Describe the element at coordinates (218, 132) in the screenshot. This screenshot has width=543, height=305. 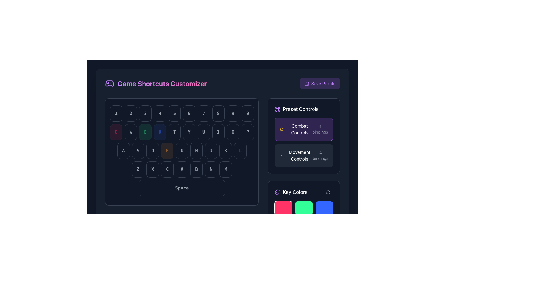
I see `the 'I' key on the keyboard layout` at that location.